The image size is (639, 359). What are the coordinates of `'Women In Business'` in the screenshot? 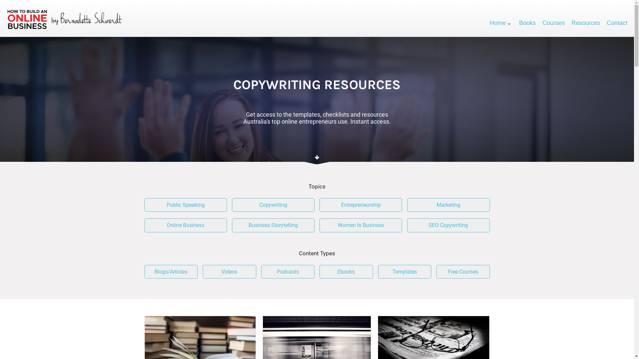 It's located at (360, 225).